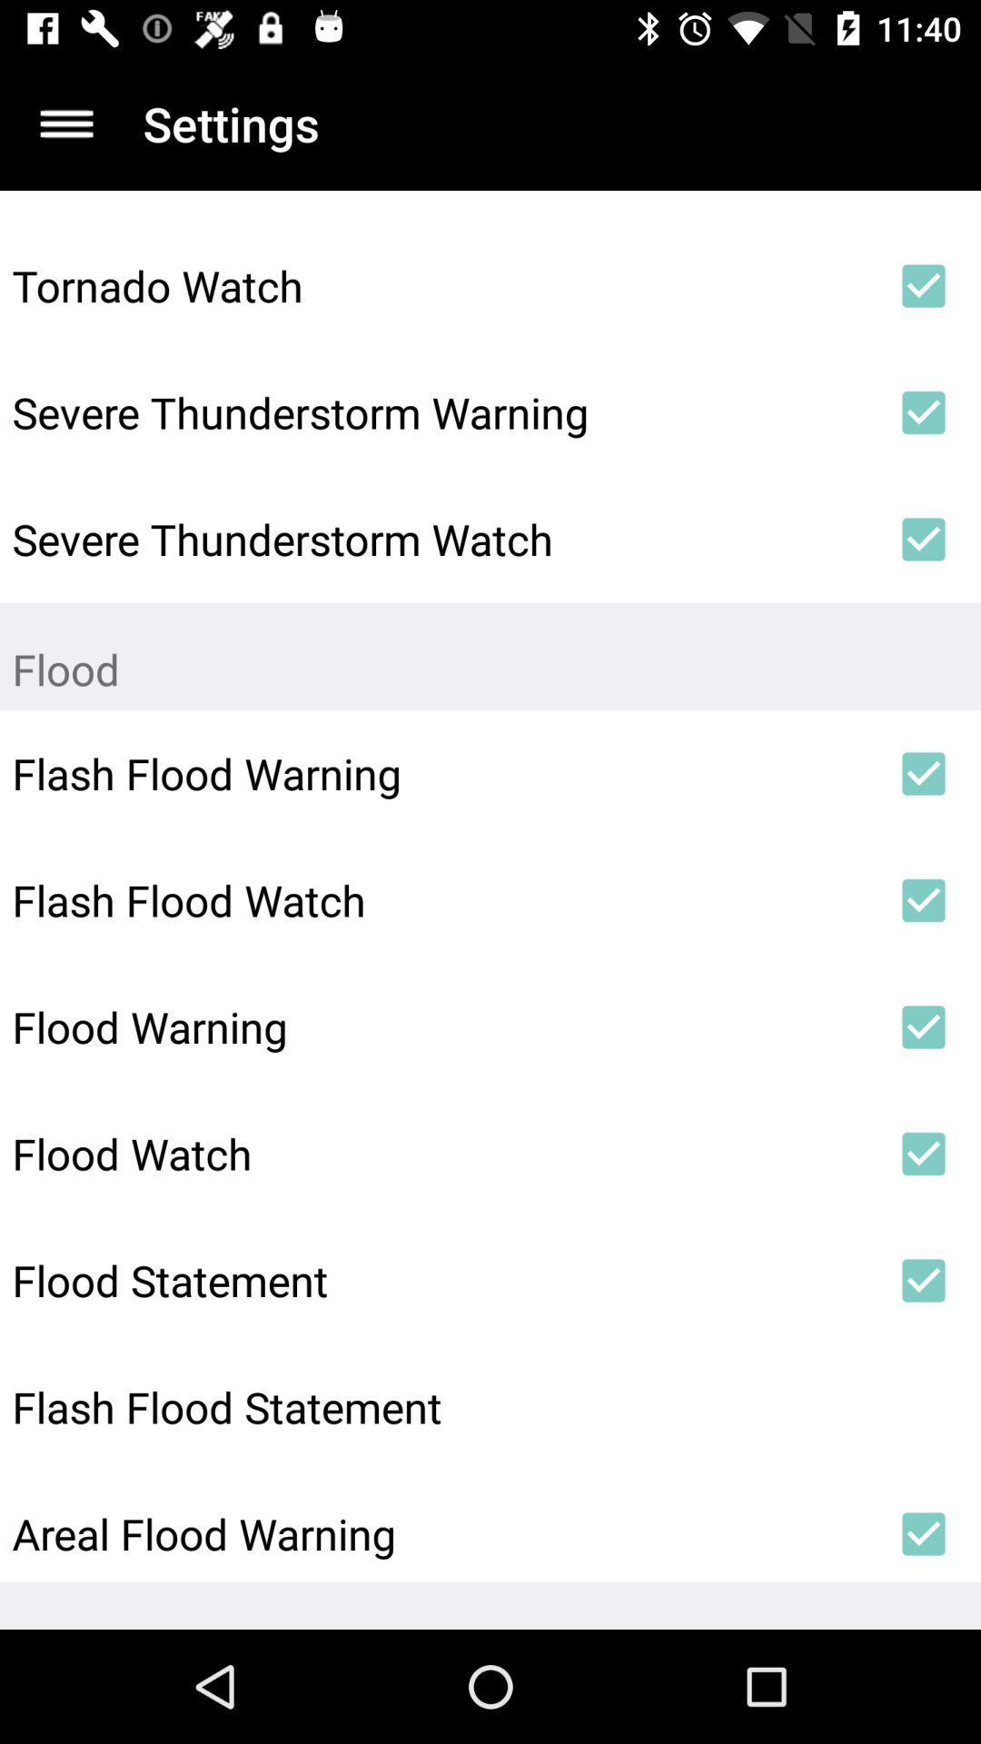  Describe the element at coordinates (924, 1280) in the screenshot. I see `item next to flood statement icon` at that location.